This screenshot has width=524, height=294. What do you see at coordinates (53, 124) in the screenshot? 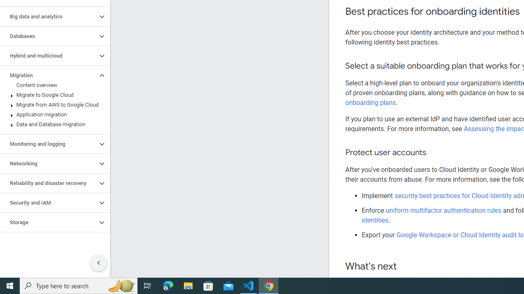
I see `'Data and Database migration'` at bounding box center [53, 124].